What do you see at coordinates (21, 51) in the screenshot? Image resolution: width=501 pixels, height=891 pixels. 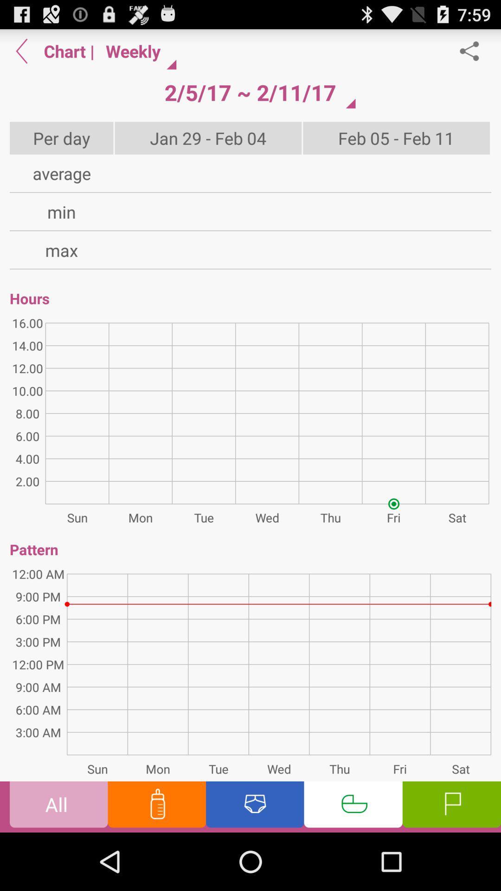 I see `the app to the left of the chart app` at bounding box center [21, 51].